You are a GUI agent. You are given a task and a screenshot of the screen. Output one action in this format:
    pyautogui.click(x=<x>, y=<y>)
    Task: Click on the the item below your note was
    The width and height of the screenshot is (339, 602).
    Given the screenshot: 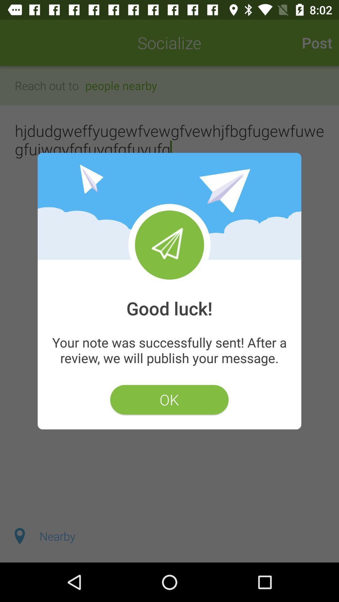 What is the action you would take?
    pyautogui.click(x=169, y=399)
    